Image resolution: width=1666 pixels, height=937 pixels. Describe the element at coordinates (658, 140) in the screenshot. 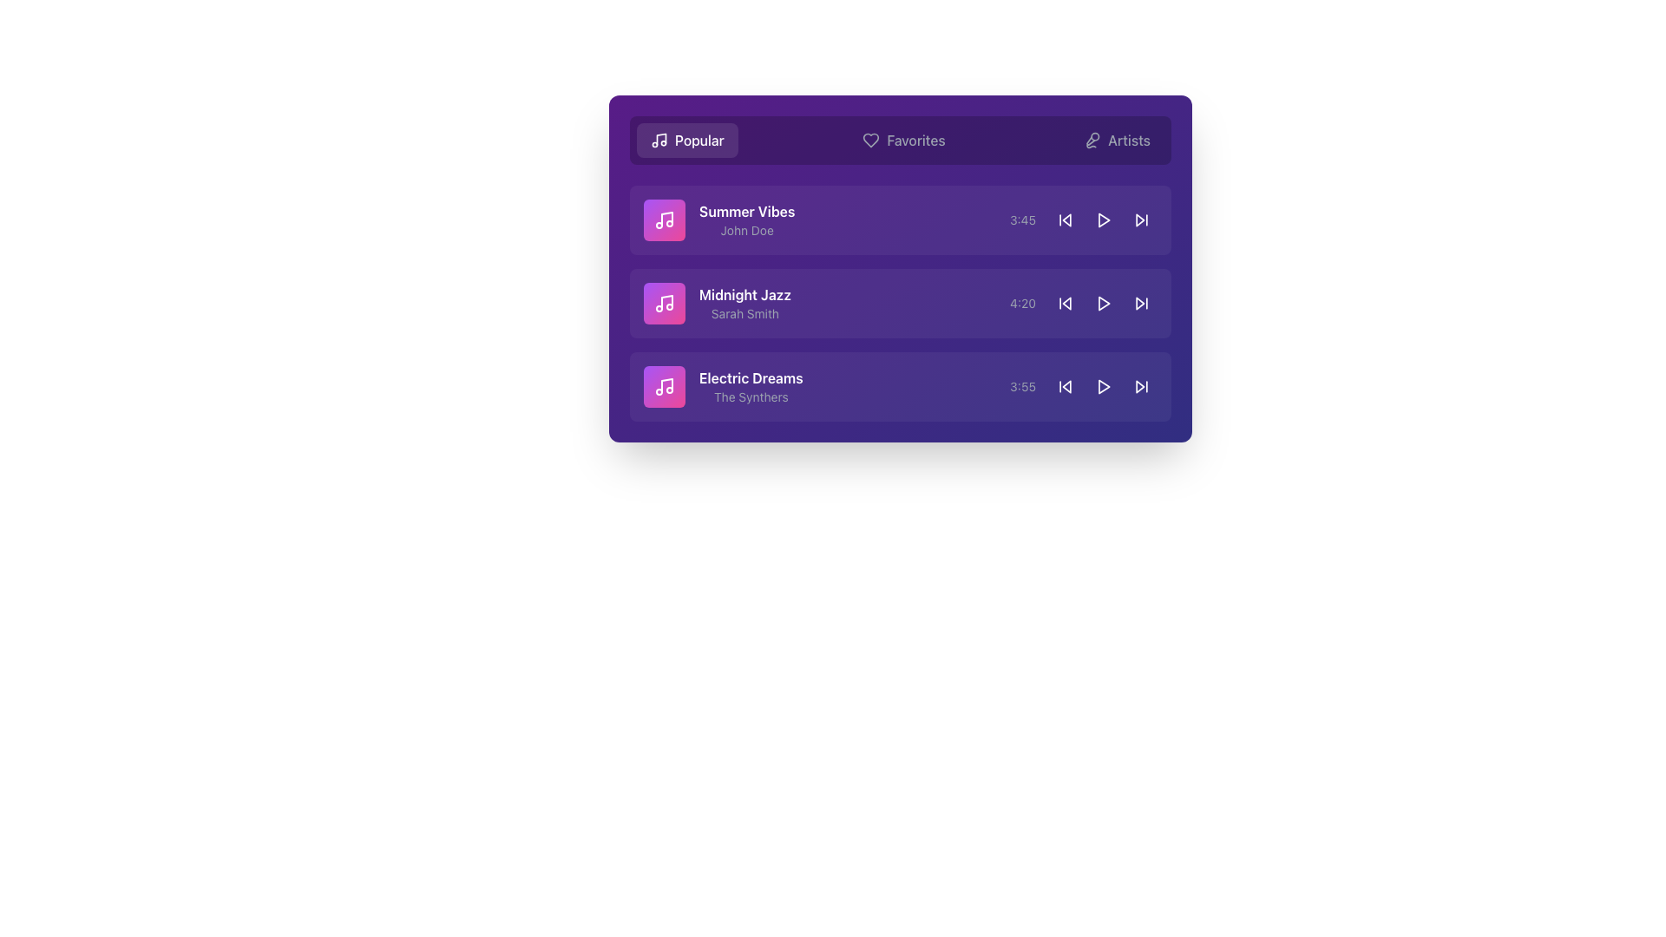

I see `the musical note icon located in the 'Popular' button at the top left corner of the interface, before the text label 'Popular'` at that location.